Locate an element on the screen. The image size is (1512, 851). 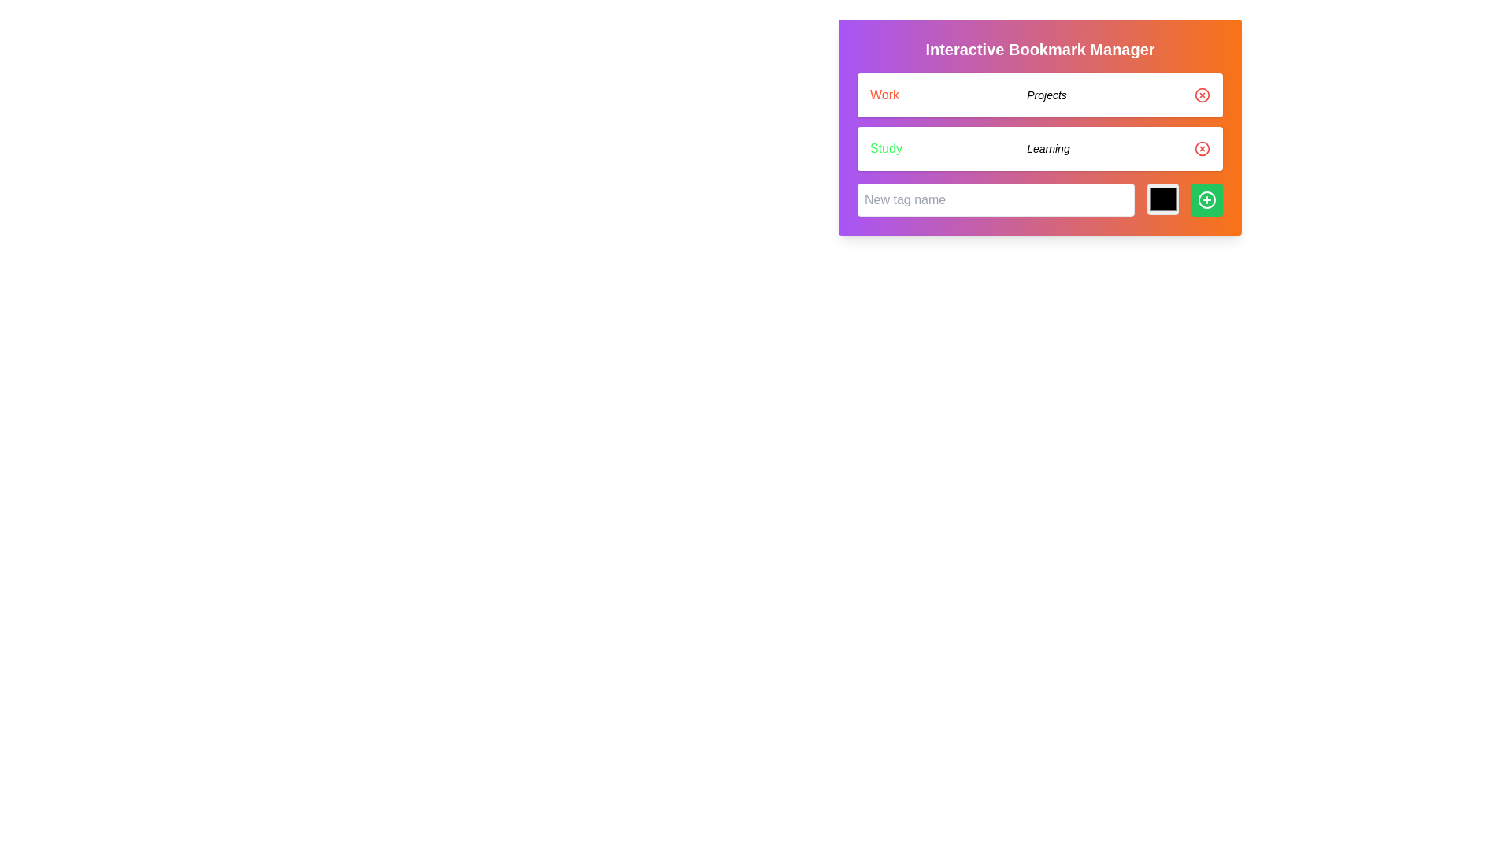
the SVG circle representing the boundary of the plus symbol in the 'Add' button located on the right side of the application panel, adjacent to the input field for new tag names is located at coordinates (1206, 199).